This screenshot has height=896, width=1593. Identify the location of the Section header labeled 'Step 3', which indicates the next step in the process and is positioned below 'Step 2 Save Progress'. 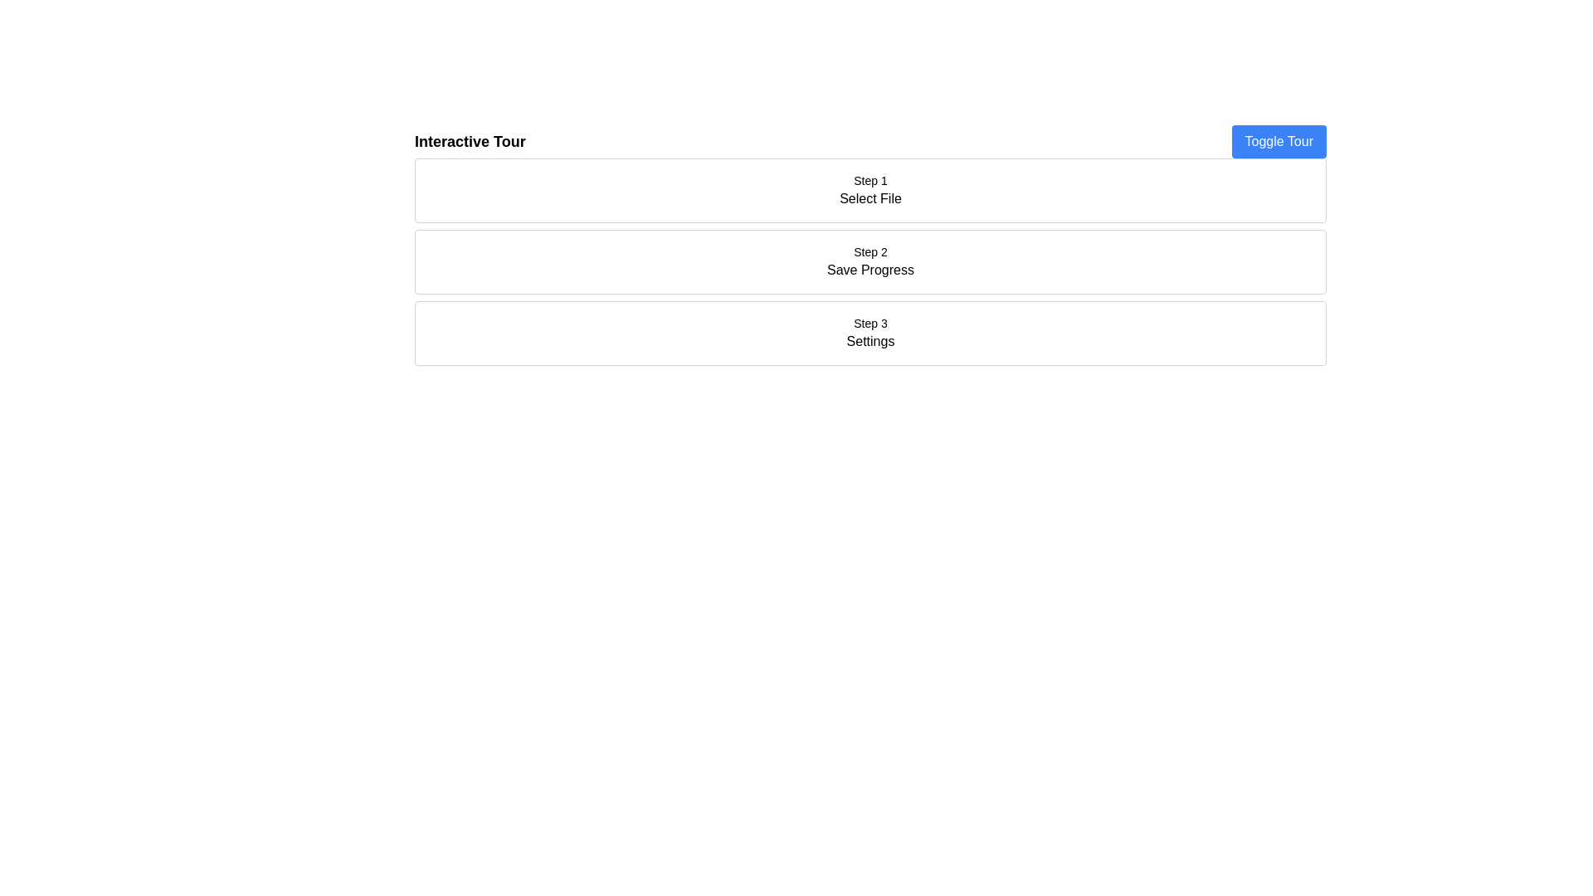
(870, 333).